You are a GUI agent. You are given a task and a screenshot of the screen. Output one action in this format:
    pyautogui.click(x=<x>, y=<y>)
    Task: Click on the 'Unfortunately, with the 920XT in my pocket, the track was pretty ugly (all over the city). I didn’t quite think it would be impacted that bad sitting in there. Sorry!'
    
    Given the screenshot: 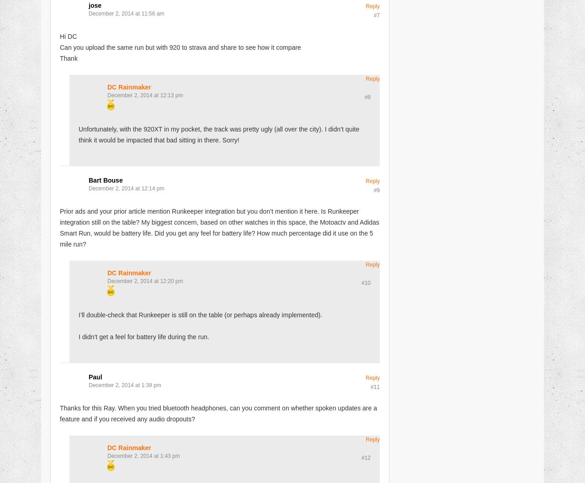 What is the action you would take?
    pyautogui.click(x=218, y=134)
    